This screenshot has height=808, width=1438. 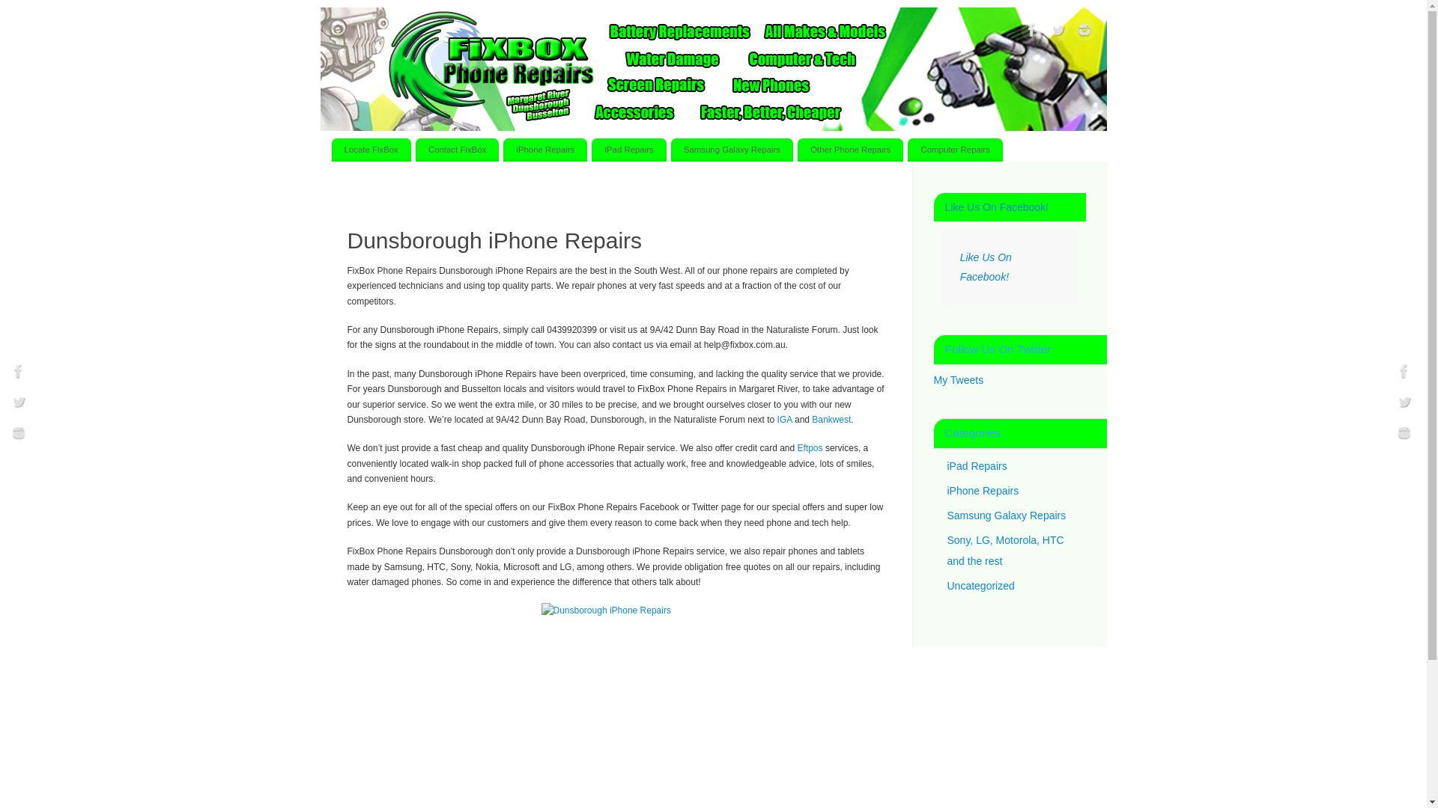 I want to click on 'Like Us On Facebook!', so click(x=997, y=207).